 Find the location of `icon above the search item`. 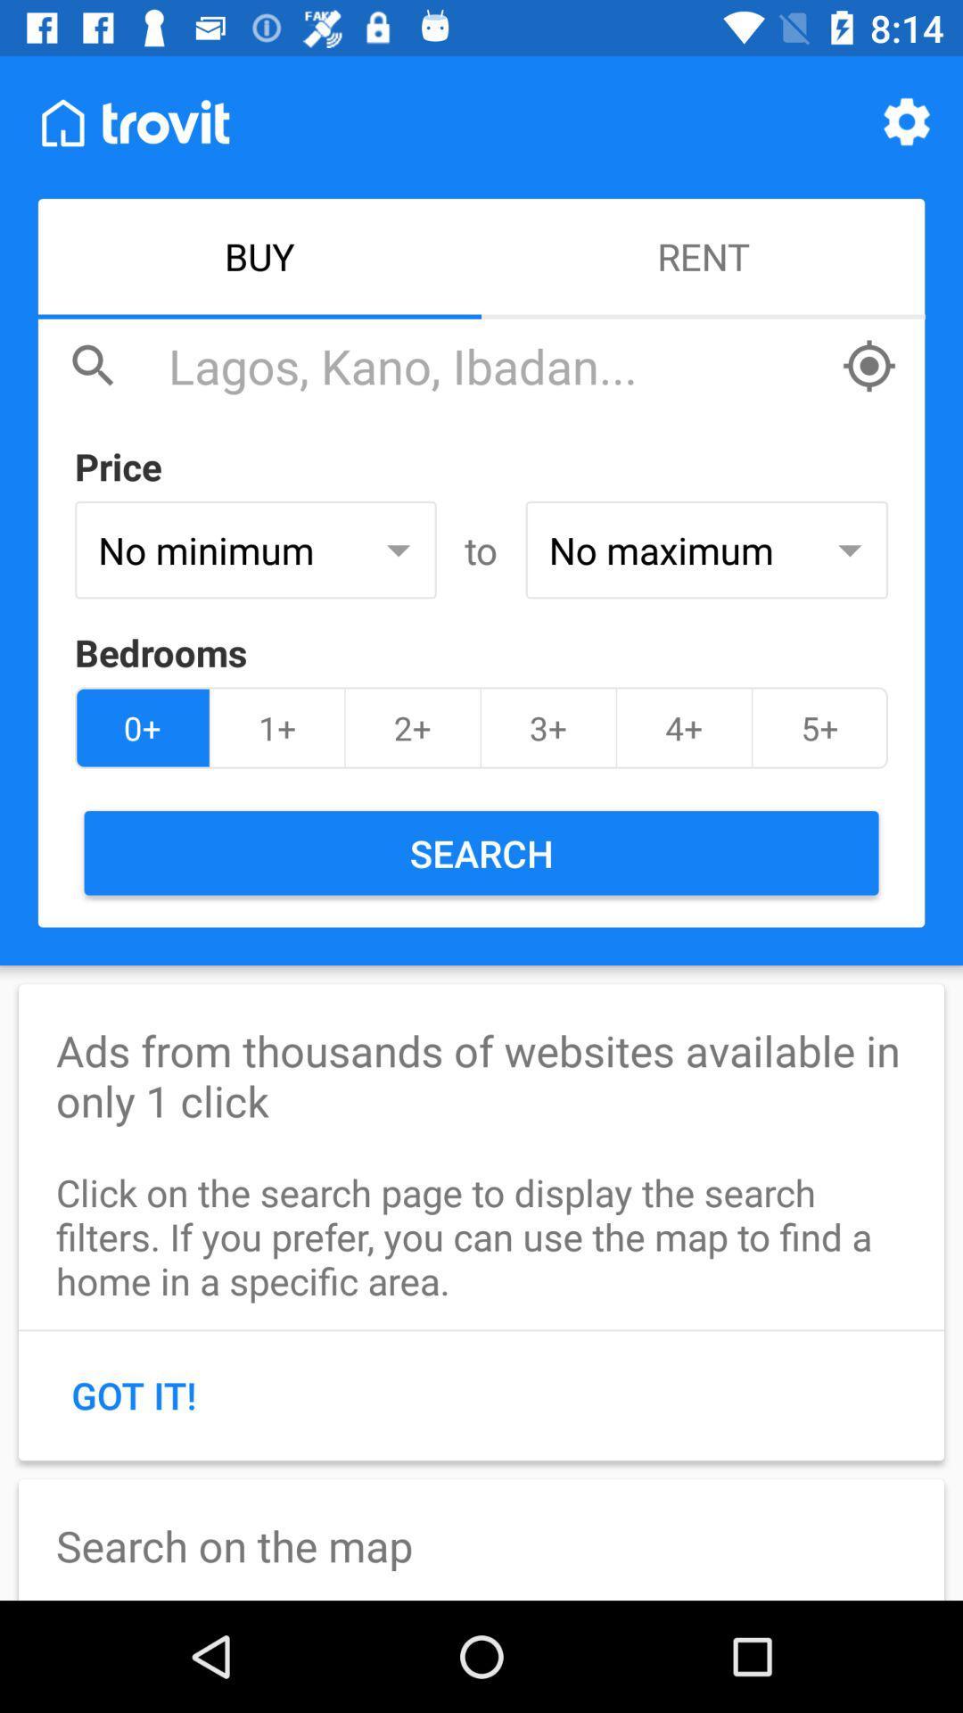

icon above the search item is located at coordinates (819, 728).